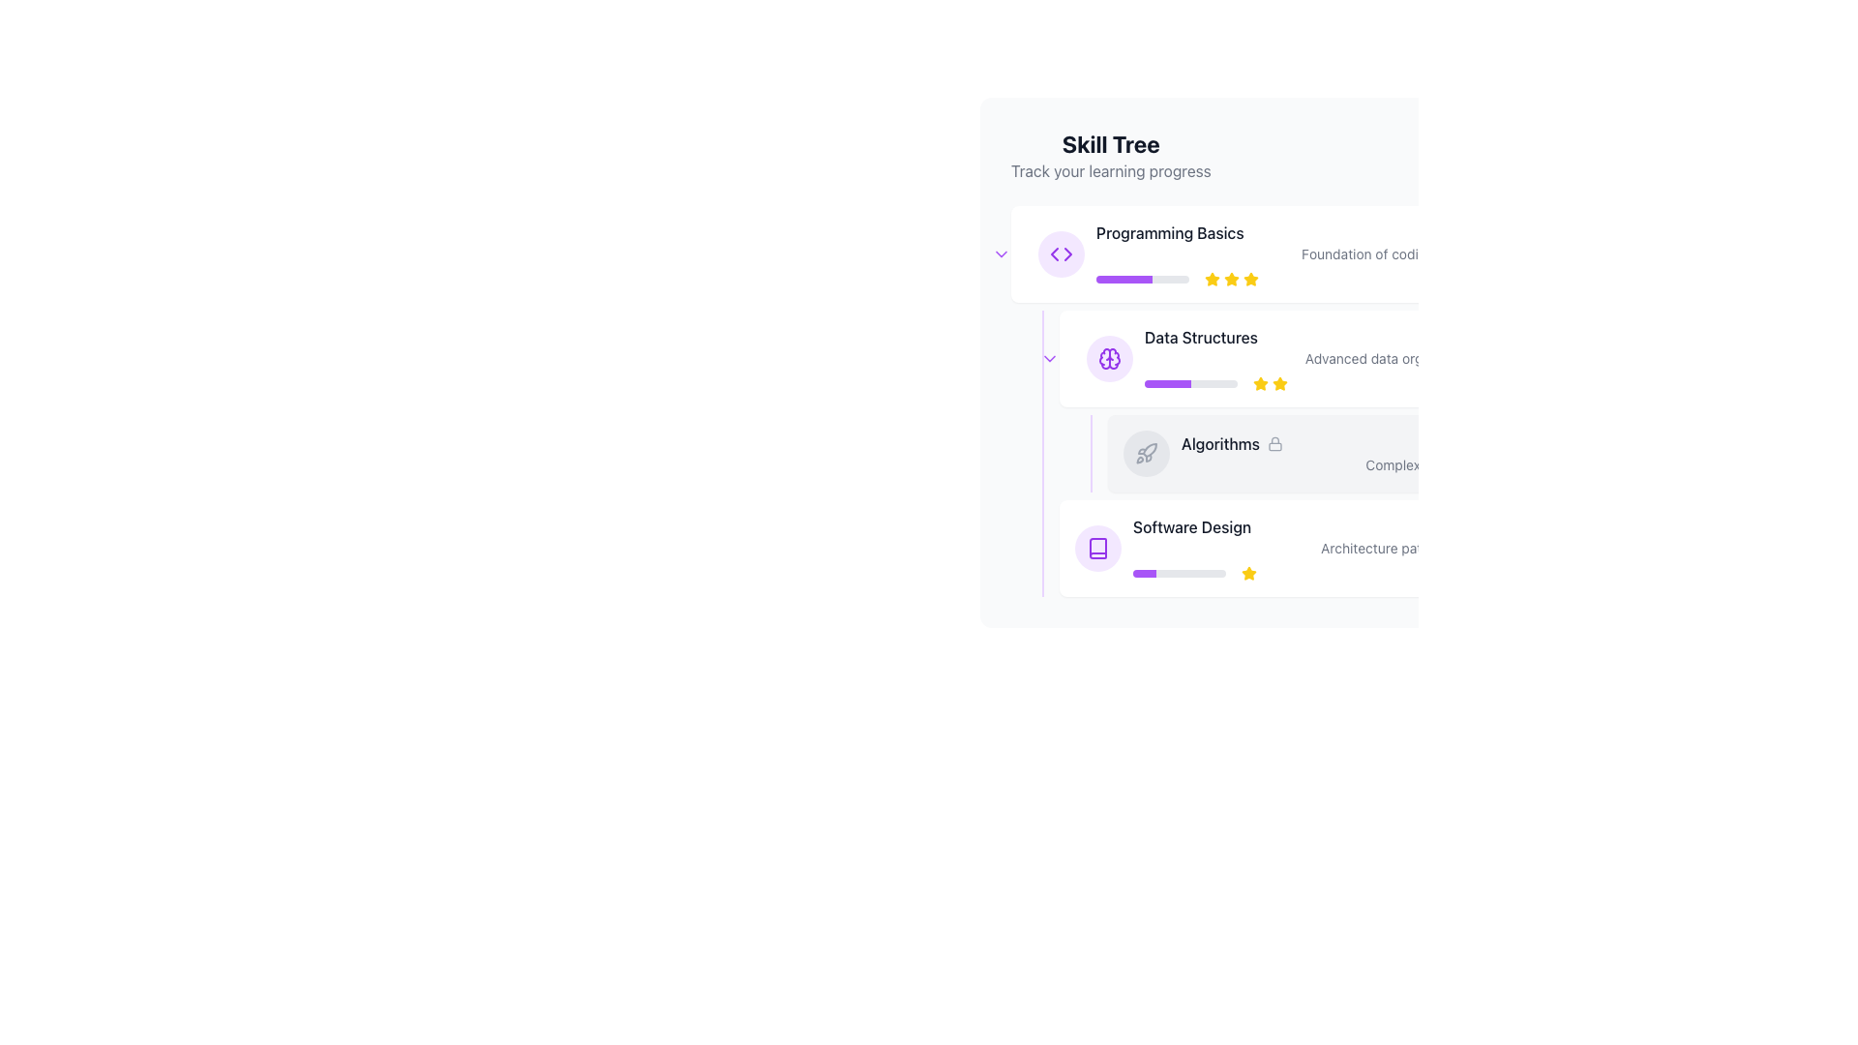 This screenshot has width=1858, height=1045. What do you see at coordinates (1271, 384) in the screenshot?
I see `the selected rating by interacting with the yellow stars in the Rating component located in the 'Data Structures' section beneath 'Programming Basics'` at bounding box center [1271, 384].